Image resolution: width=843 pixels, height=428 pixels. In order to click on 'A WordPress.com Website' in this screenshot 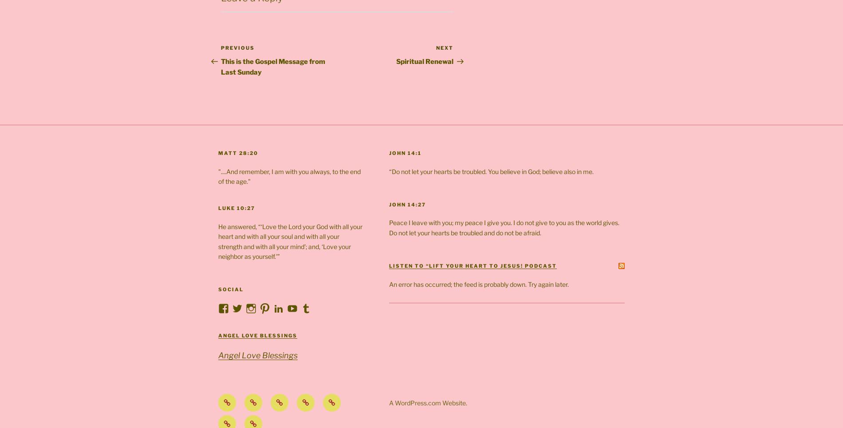, I will do `click(427, 402)`.